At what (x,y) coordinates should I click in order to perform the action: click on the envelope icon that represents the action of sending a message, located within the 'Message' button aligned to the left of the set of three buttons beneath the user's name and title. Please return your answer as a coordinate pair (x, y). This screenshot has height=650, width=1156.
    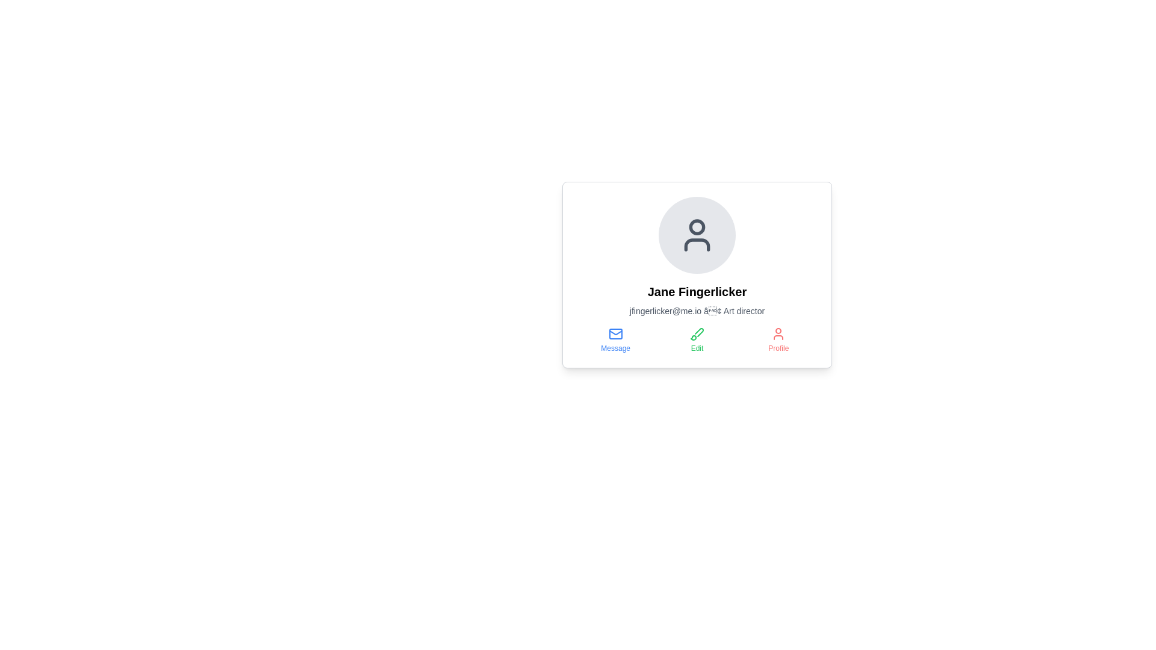
    Looking at the image, I should click on (615, 334).